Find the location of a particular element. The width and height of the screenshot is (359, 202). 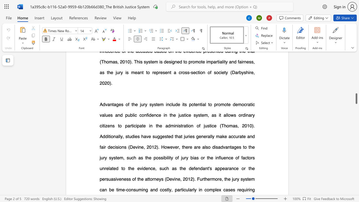

the scrollbar to scroll the page up is located at coordinates (356, 59).